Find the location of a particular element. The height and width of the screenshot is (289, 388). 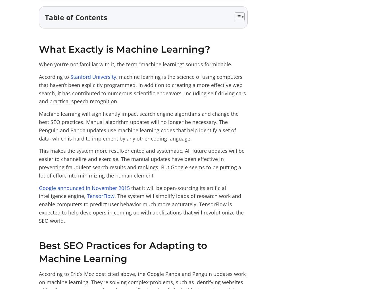

'This makes the system more result-oriented and systematic. All future updates will be easier to channelize and exercise. The manual updates have been effective in preventing fraudulent search results and rankings. But Google seems to be putting a lot of effort into minimizing the human element.' is located at coordinates (141, 163).